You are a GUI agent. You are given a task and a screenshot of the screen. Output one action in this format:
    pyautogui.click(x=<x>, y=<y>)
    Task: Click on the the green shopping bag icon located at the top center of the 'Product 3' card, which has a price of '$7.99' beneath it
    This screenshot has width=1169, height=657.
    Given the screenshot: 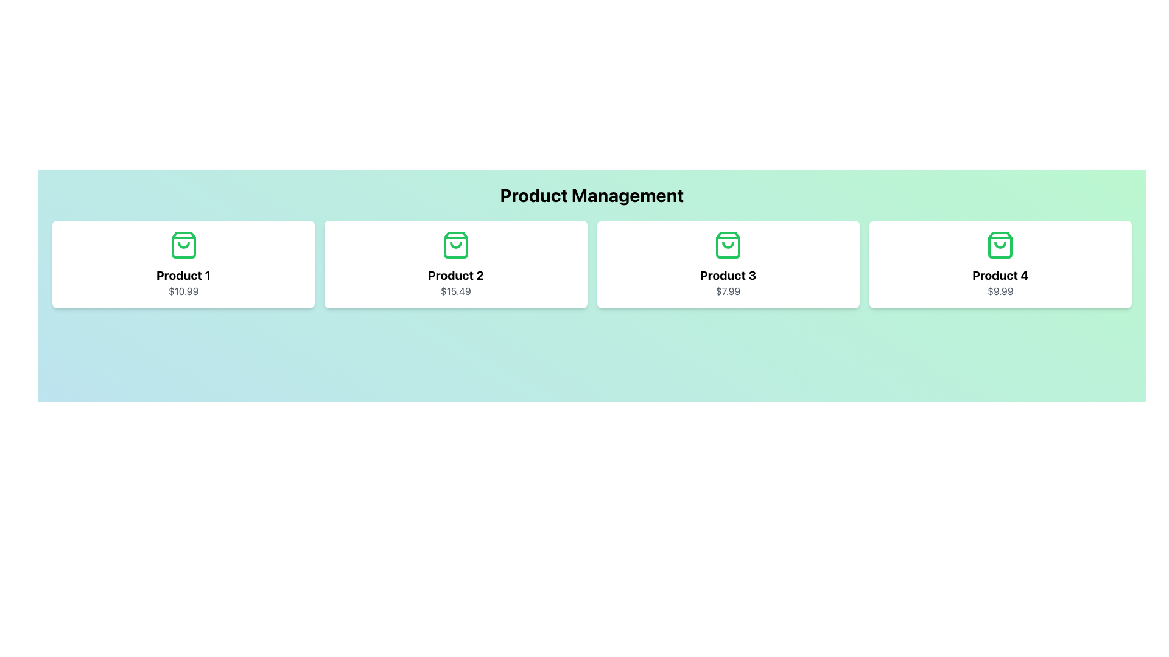 What is the action you would take?
    pyautogui.click(x=728, y=245)
    